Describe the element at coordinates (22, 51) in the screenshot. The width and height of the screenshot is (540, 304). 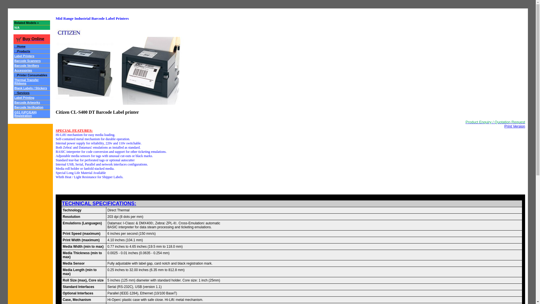
I see `': :Products'` at that location.